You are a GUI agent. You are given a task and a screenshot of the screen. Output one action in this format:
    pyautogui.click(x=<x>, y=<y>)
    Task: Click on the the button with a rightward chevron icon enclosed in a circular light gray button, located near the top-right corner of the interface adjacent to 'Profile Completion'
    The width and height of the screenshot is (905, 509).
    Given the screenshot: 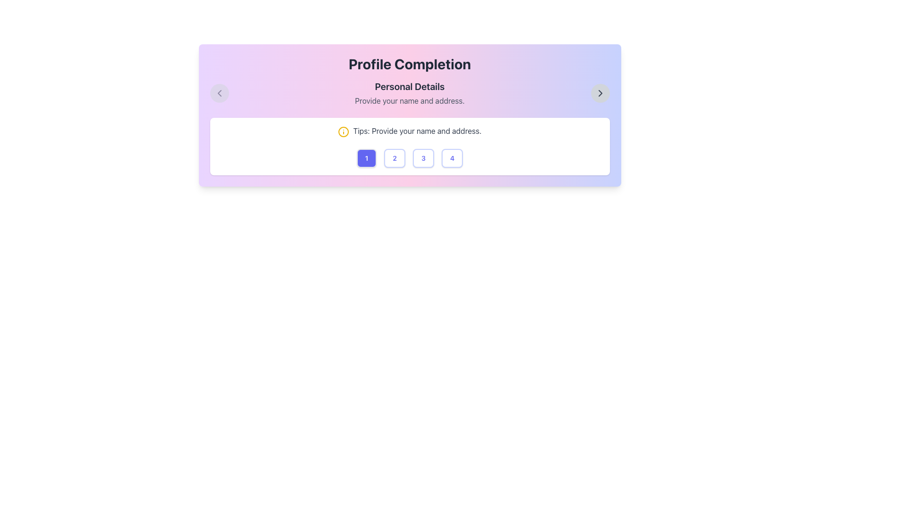 What is the action you would take?
    pyautogui.click(x=600, y=93)
    